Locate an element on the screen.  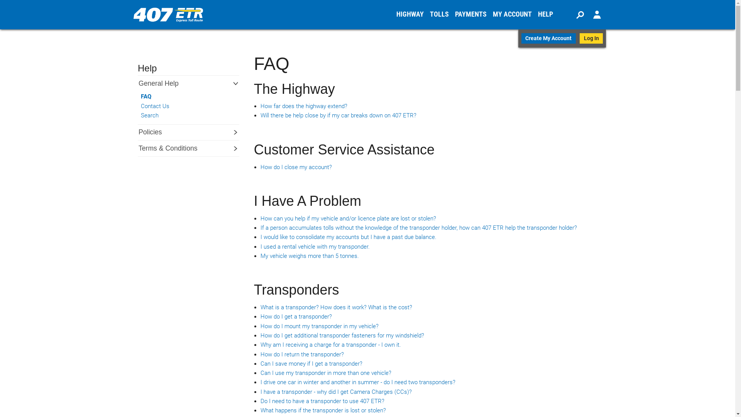
'How do I mount my transponder in my vehicle?' is located at coordinates (320, 326).